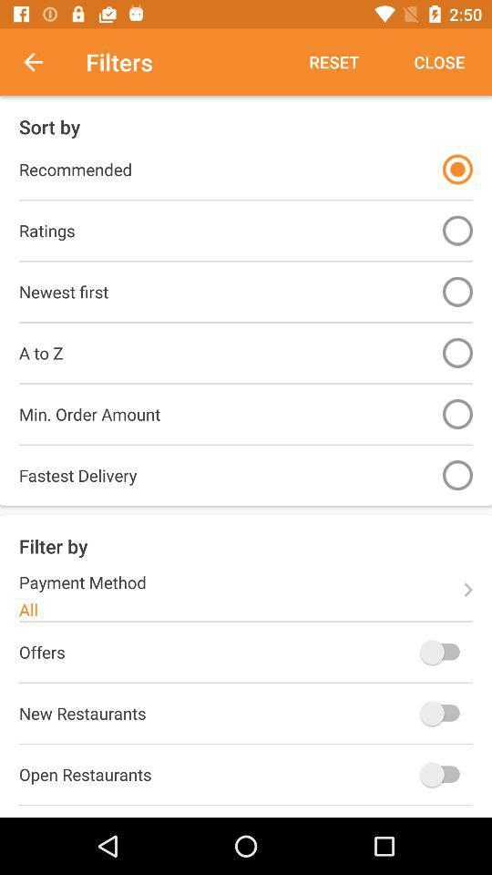  Describe the element at coordinates (456, 170) in the screenshot. I see `option` at that location.